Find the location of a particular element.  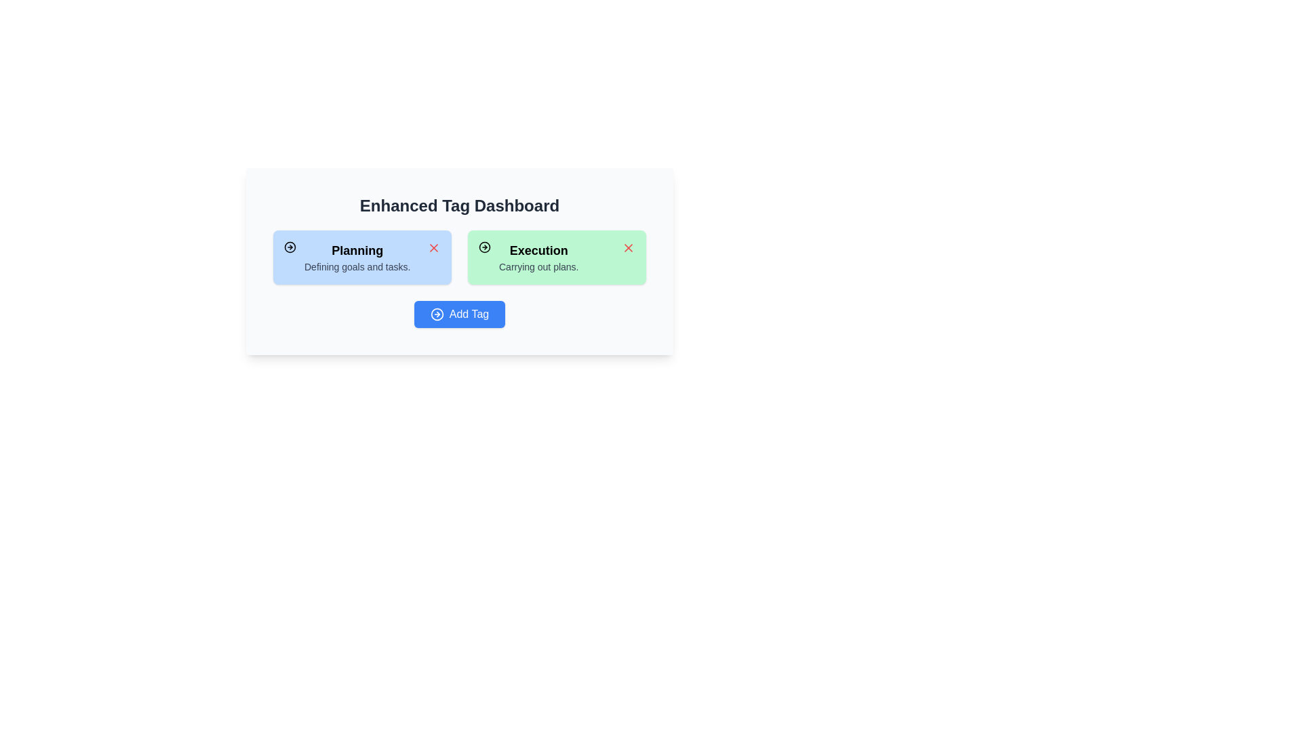

the outermost circle in the SVG icon located within the 'Planning' labeled card on the left side of the main interface is located at coordinates (289, 247).